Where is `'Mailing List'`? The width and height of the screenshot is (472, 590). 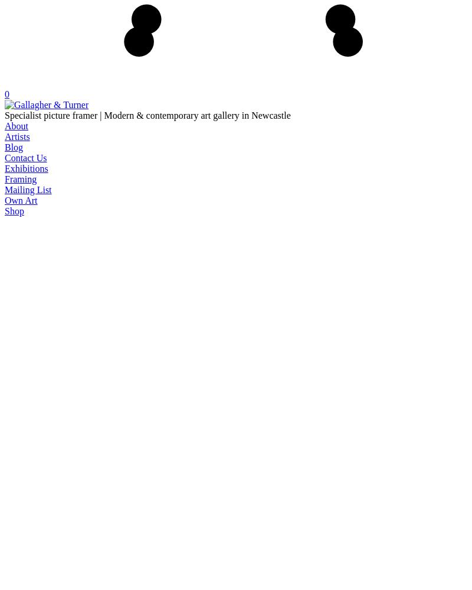 'Mailing List' is located at coordinates (27, 188).